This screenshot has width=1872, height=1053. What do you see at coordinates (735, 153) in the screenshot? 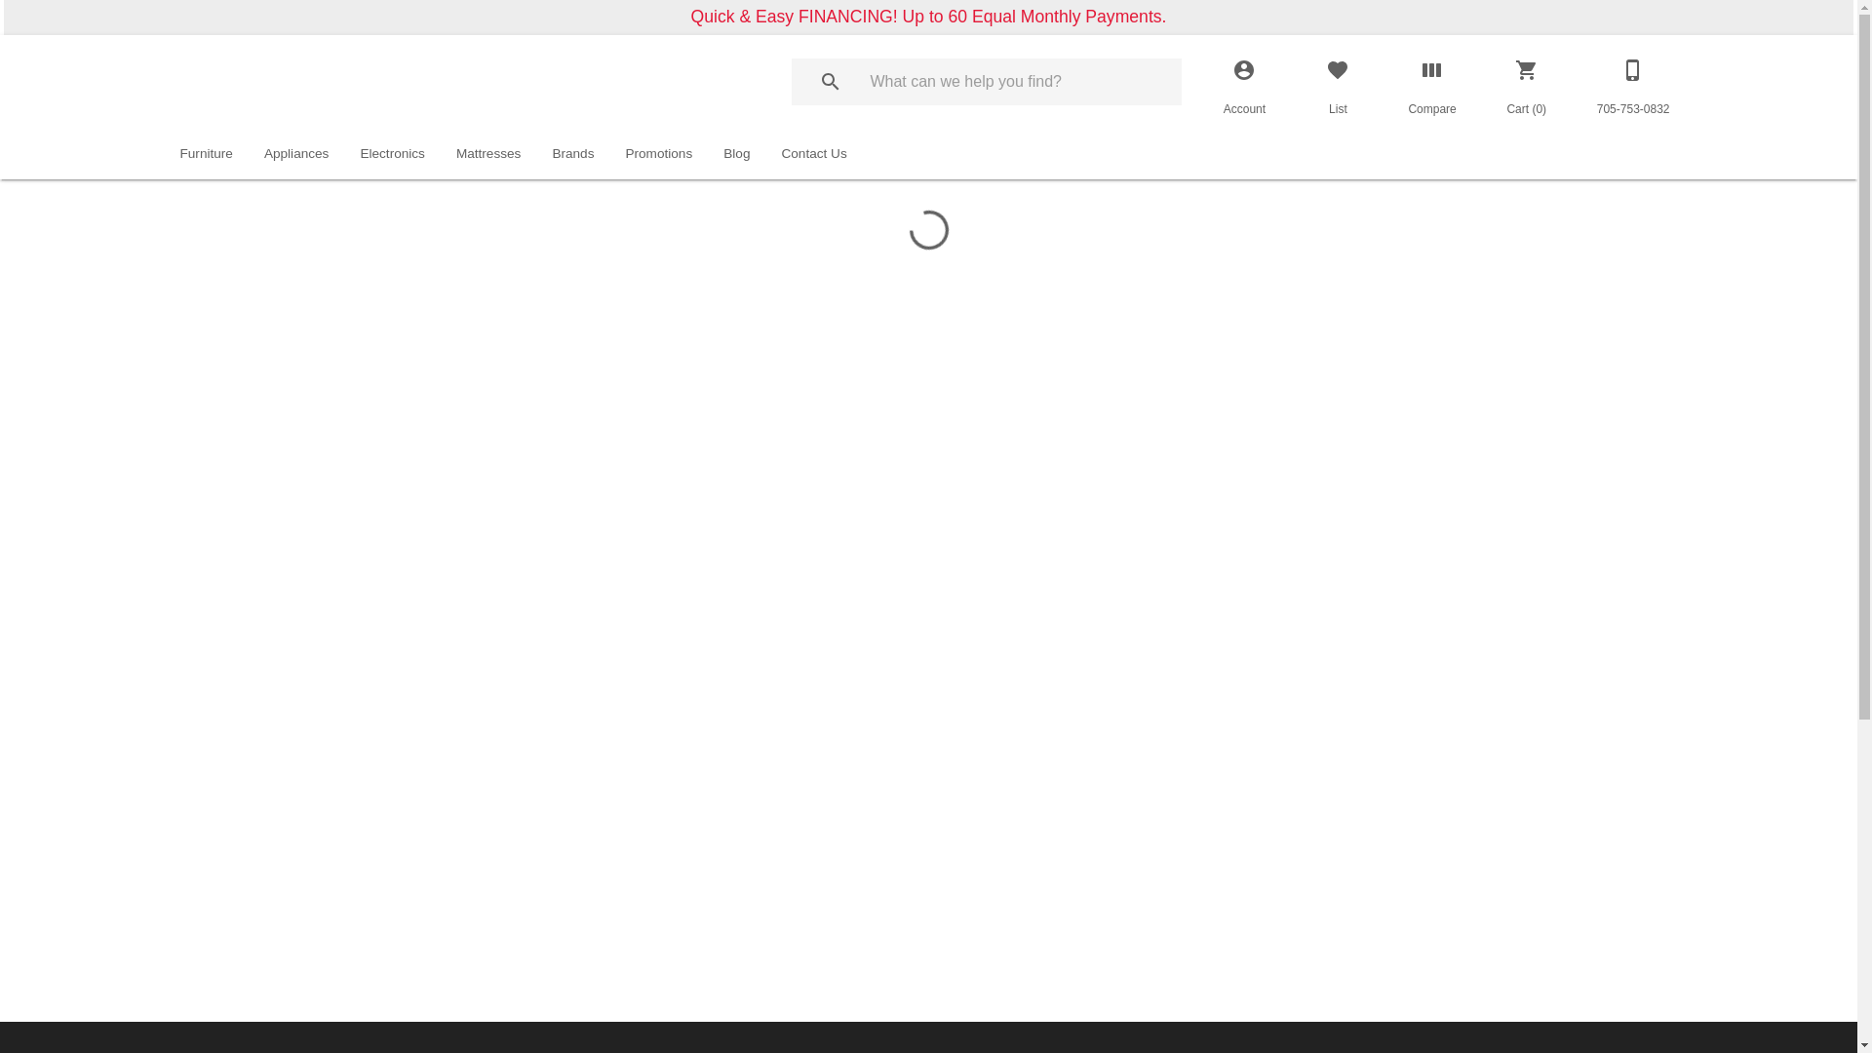
I see `'Blog'` at bounding box center [735, 153].